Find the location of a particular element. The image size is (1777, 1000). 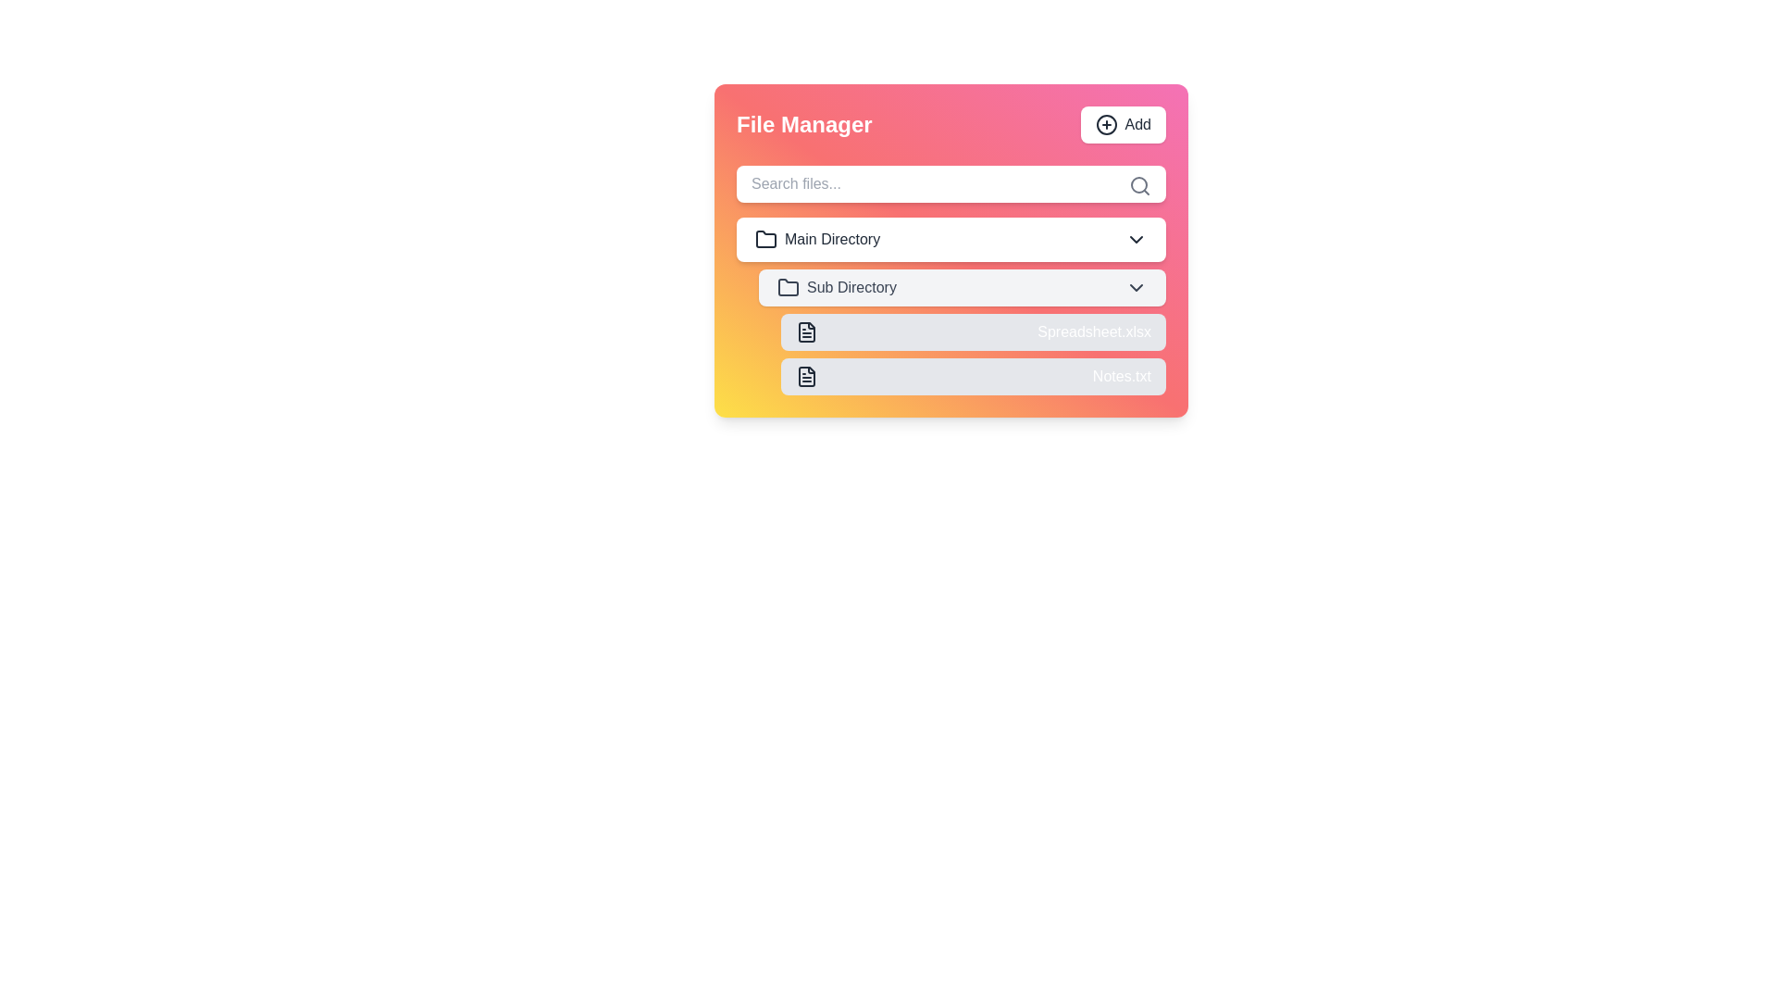

the chevron symbol located in the top-right corner adjacent to the text 'Main Directory' to trigger any highlight or tooltip is located at coordinates (1136, 238).